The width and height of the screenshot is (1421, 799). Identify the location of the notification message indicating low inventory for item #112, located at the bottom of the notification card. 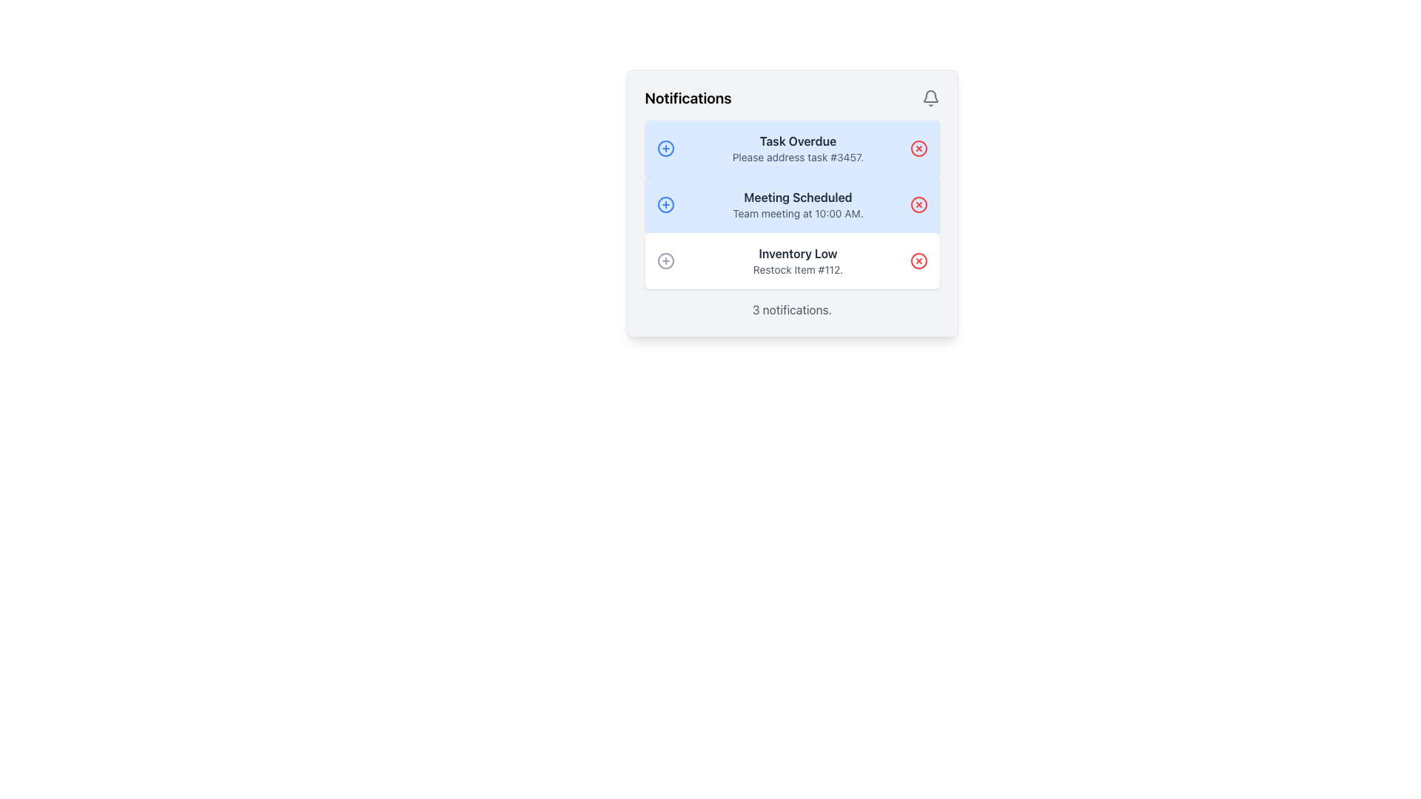
(797, 260).